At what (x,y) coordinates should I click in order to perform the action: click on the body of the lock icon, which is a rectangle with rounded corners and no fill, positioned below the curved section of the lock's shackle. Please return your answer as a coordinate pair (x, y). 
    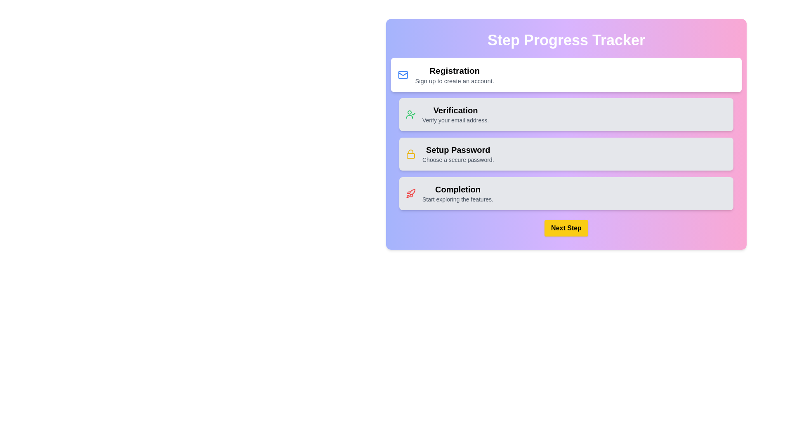
    Looking at the image, I should click on (411, 156).